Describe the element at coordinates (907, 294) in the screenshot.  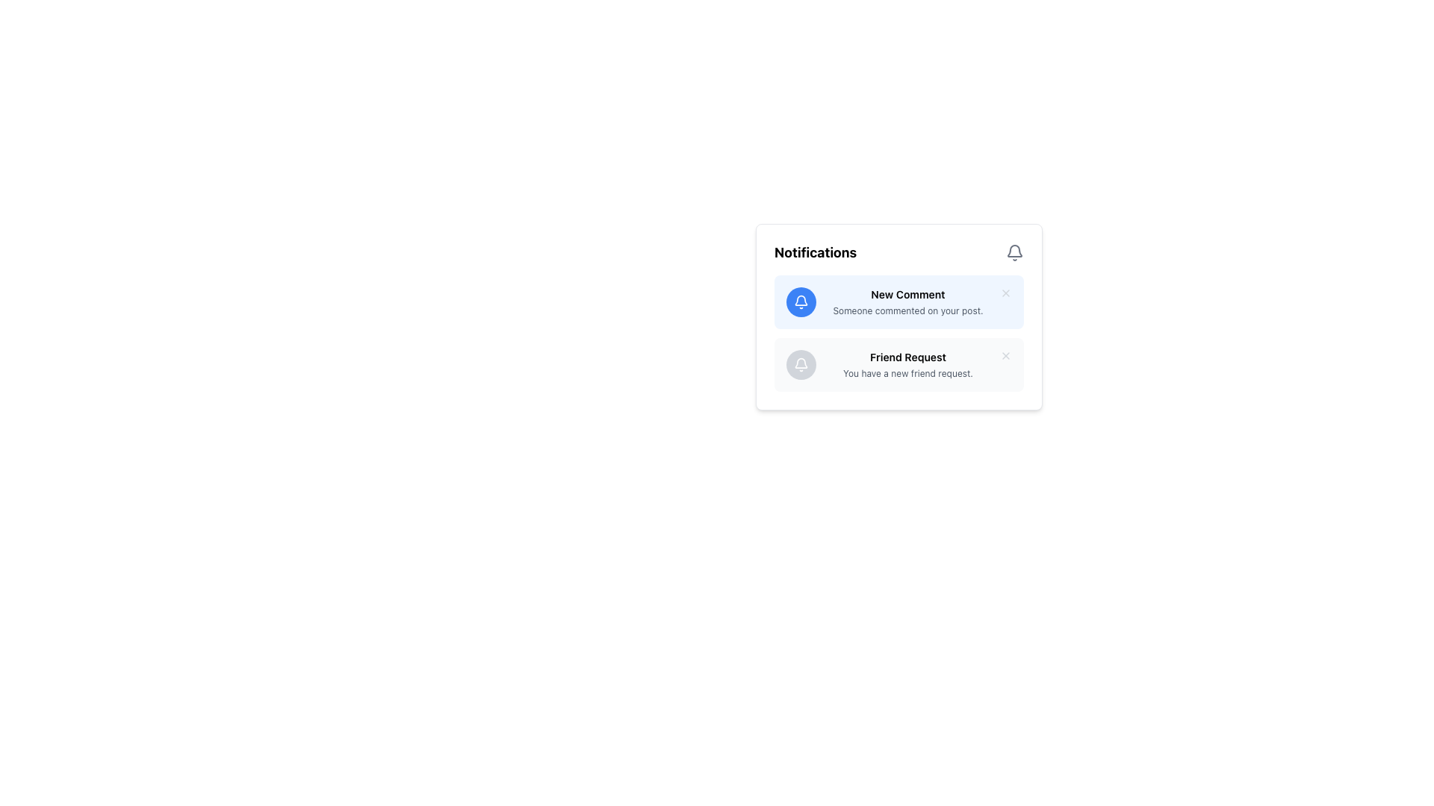
I see `the 'New Comment' text label located at the top of the first notification card in the Notifications panel` at that location.